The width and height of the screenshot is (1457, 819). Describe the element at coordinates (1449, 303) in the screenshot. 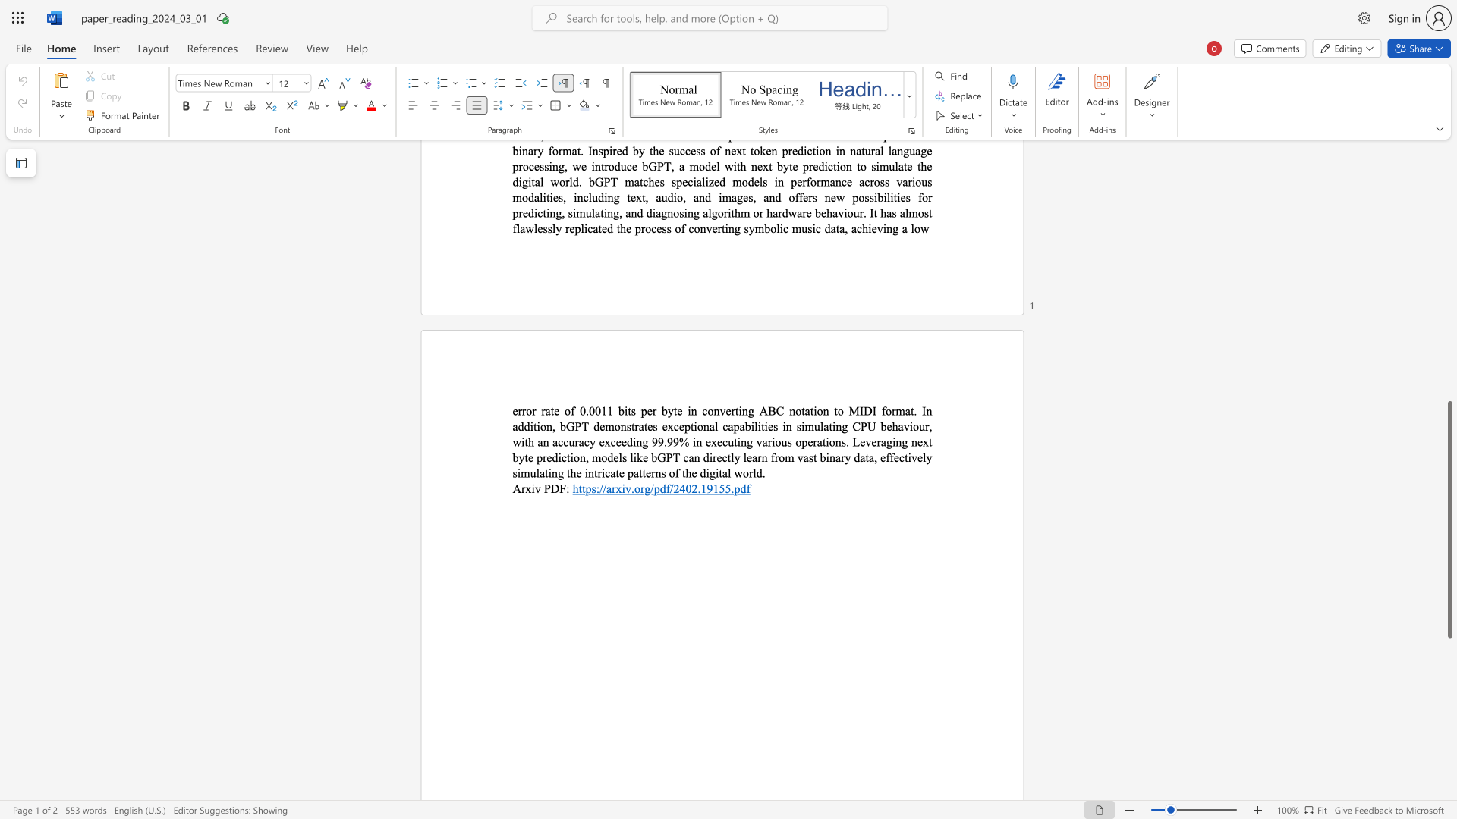

I see `the scrollbar on the right` at that location.